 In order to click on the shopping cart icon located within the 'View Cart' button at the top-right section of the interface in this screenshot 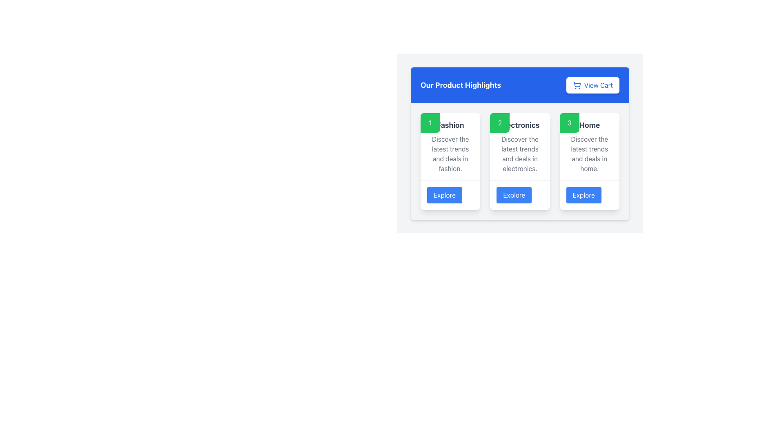, I will do `click(576, 85)`.